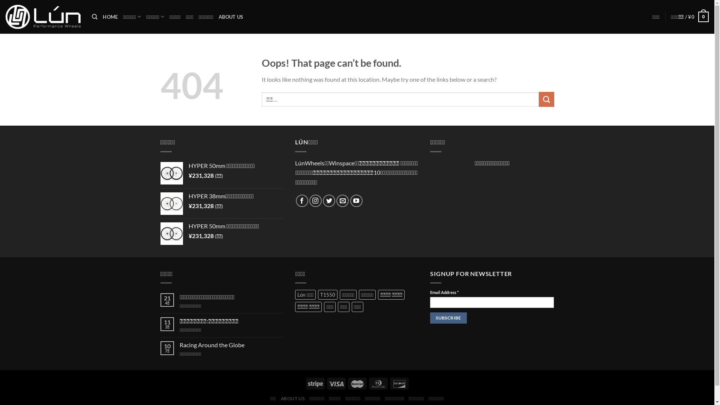  What do you see at coordinates (231, 345) in the screenshot?
I see `'Racing Around the Globe'` at bounding box center [231, 345].